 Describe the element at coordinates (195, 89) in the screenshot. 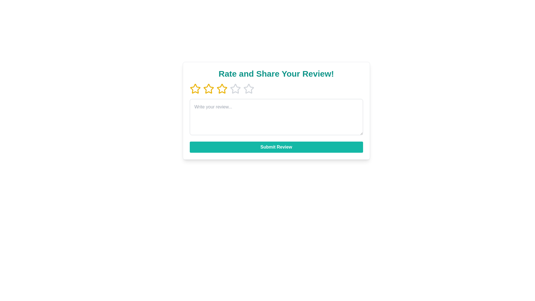

I see `the star corresponding to 1 stars to preview the rating` at that location.